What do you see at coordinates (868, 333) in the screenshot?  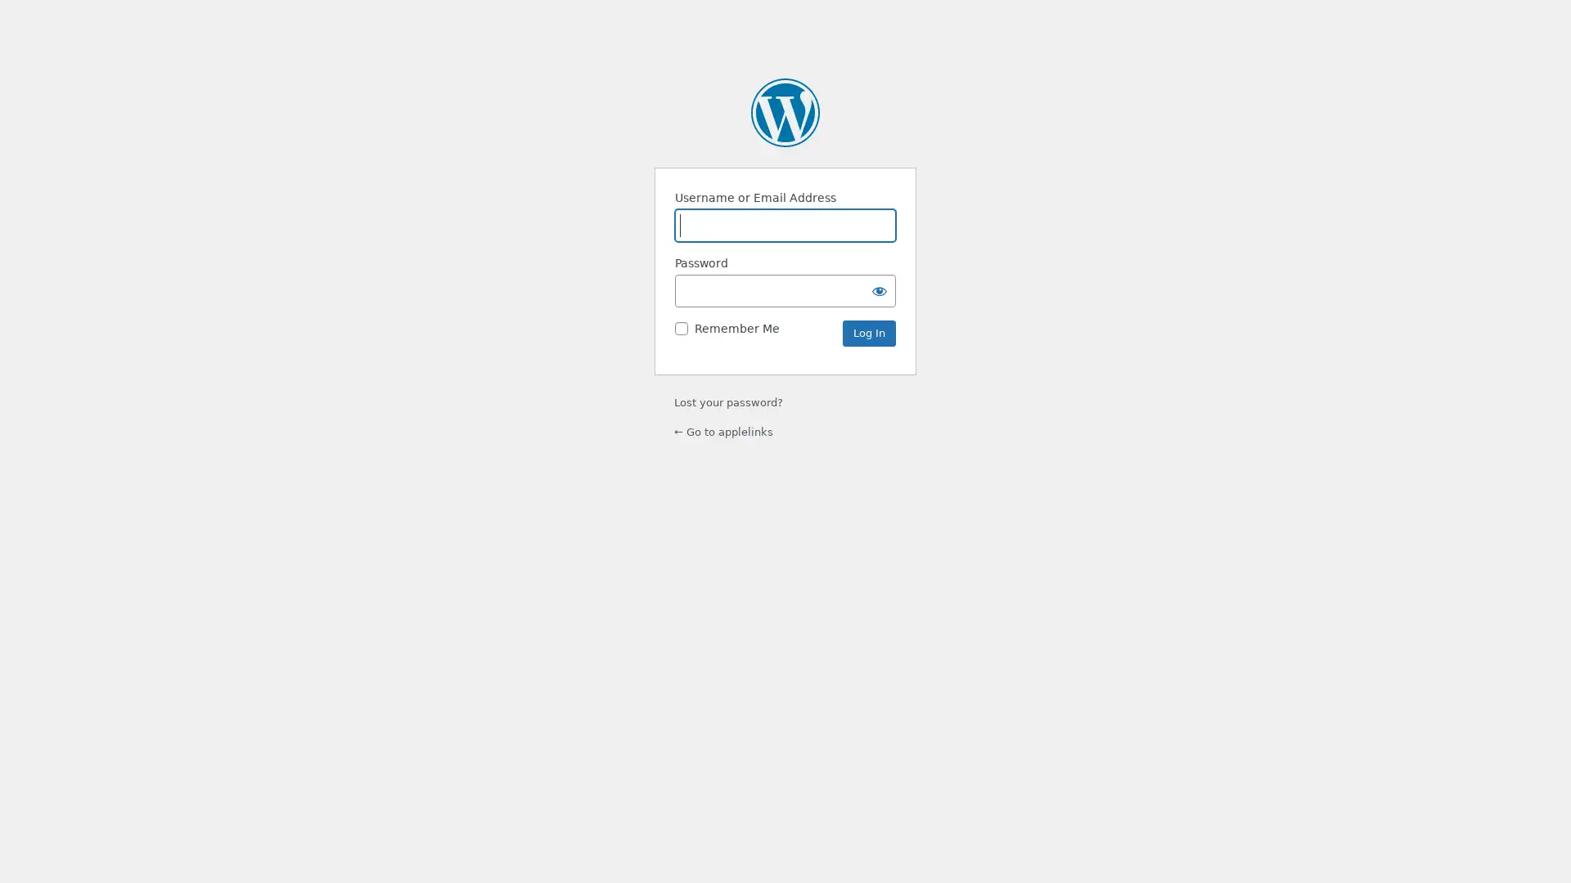 I see `Log In` at bounding box center [868, 333].